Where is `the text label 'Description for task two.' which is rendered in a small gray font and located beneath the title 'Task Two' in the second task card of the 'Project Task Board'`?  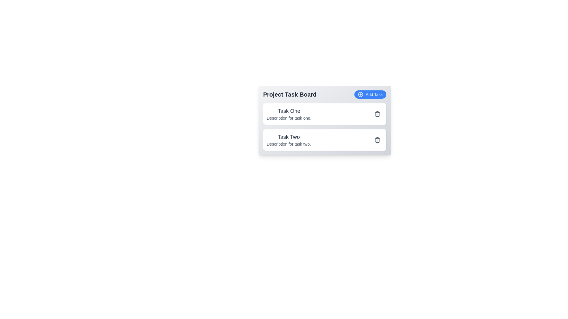 the text label 'Description for task two.' which is rendered in a small gray font and located beneath the title 'Task Two' in the second task card of the 'Project Task Board' is located at coordinates (289, 144).